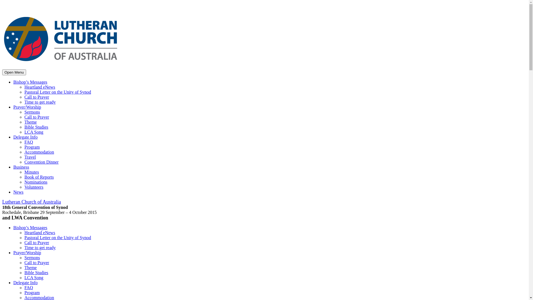  Describe the element at coordinates (28, 142) in the screenshot. I see `'FAQ'` at that location.